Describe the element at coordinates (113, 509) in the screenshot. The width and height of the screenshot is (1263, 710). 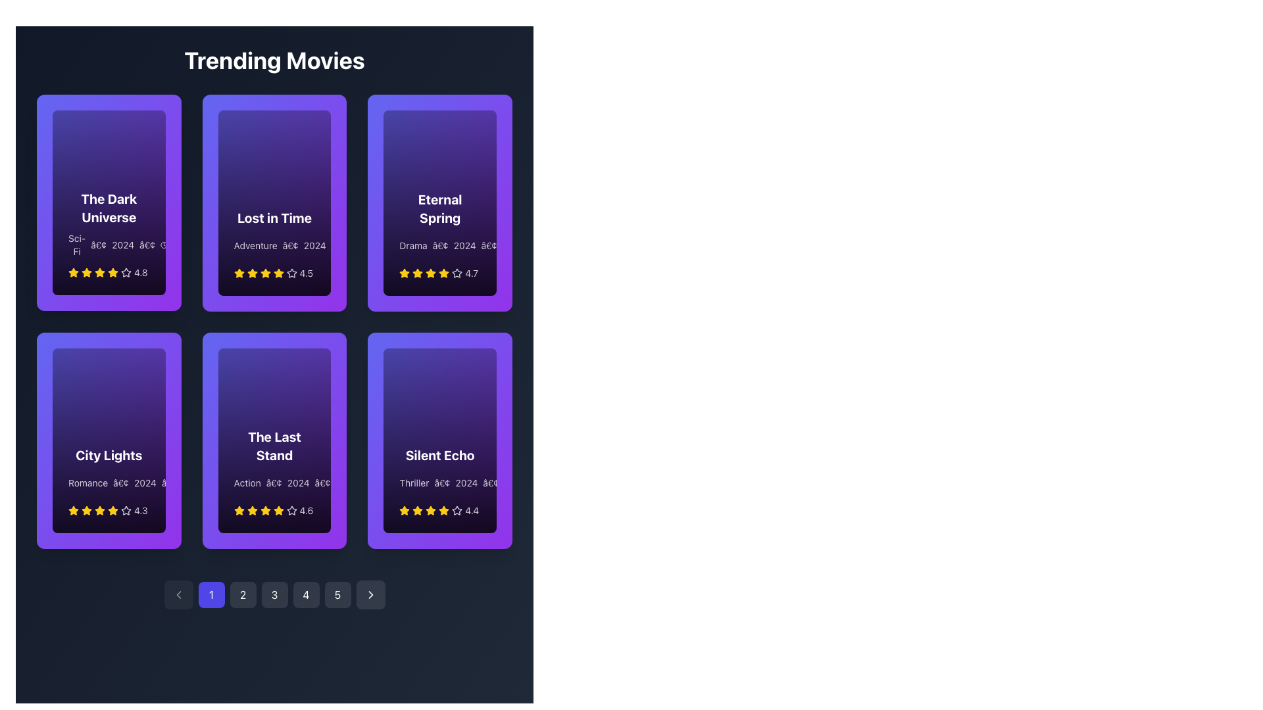
I see `the star icon representing a rating of 4.3 stars for the 'City Lights' movie in the rating section of the movie card` at that location.